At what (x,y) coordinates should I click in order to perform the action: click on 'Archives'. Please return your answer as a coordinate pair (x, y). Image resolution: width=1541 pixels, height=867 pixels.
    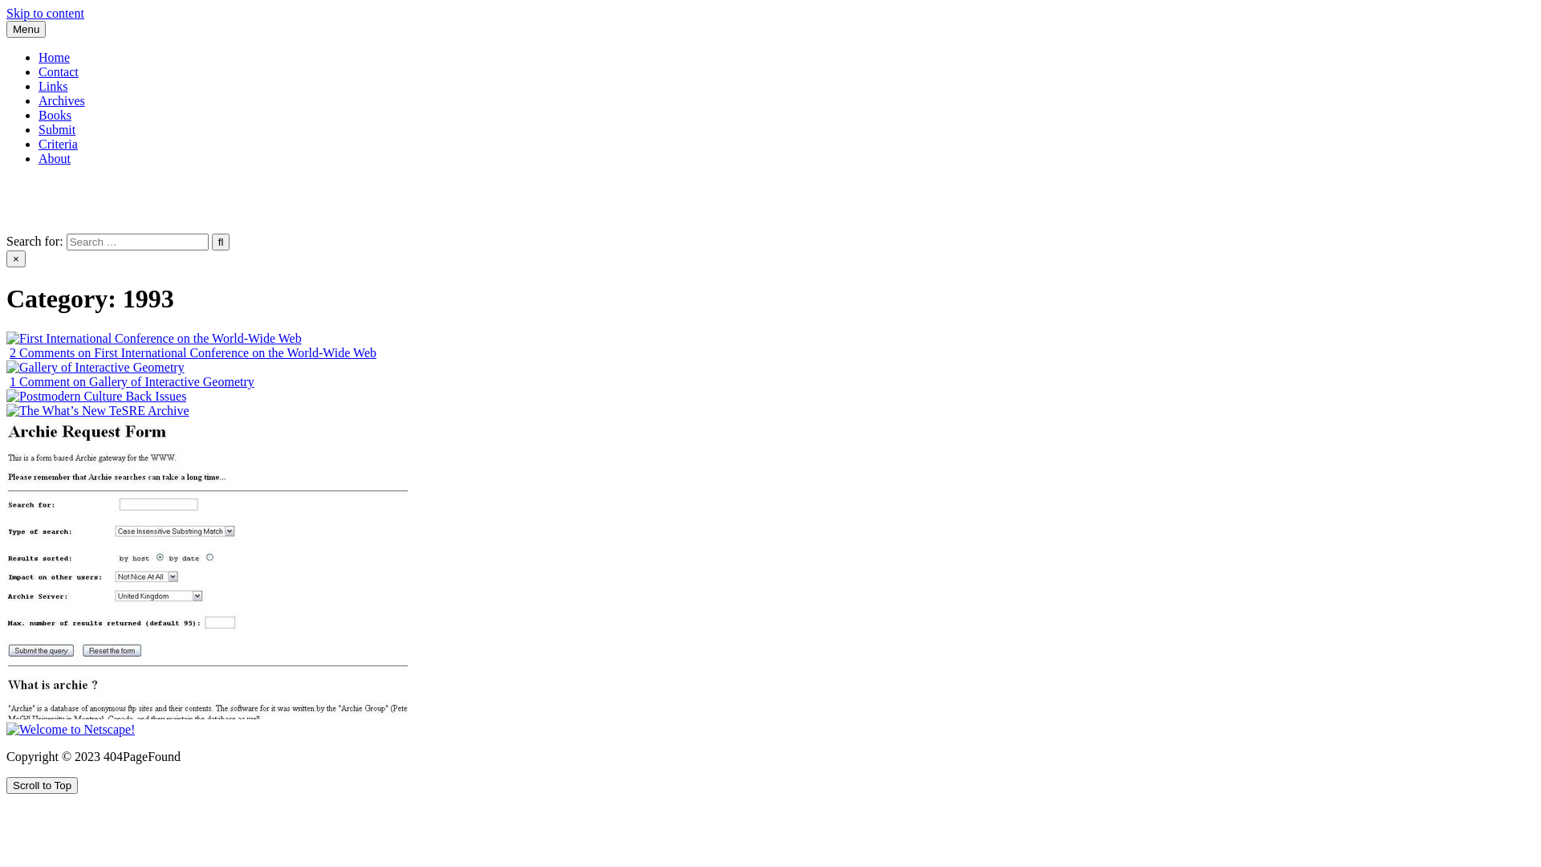
    Looking at the image, I should click on (61, 100).